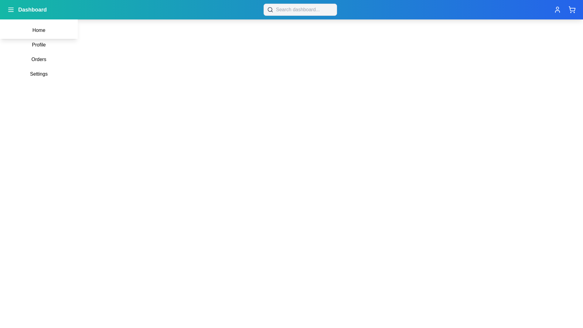  I want to click on the navigation button located at the top of the sidebar menu, which redirects to the 'Home' page, to change its style, so click(39, 30).